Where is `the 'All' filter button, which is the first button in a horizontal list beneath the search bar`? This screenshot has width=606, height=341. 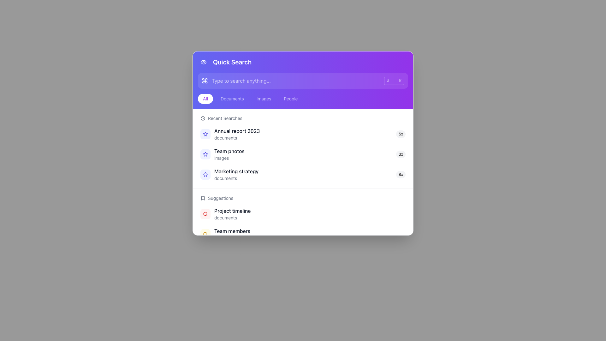
the 'All' filter button, which is the first button in a horizontal list beneath the search bar is located at coordinates (205, 99).